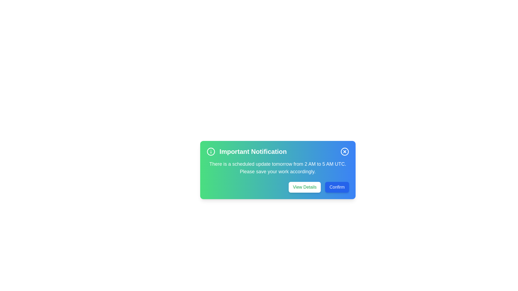 The height and width of the screenshot is (291, 518). I want to click on the 'View Details' button to view more information, so click(305, 187).